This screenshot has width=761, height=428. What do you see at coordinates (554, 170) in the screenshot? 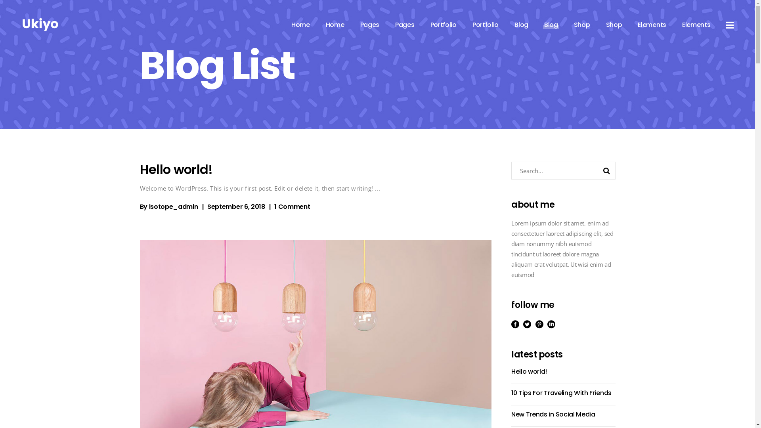
I see `'Search for:'` at bounding box center [554, 170].